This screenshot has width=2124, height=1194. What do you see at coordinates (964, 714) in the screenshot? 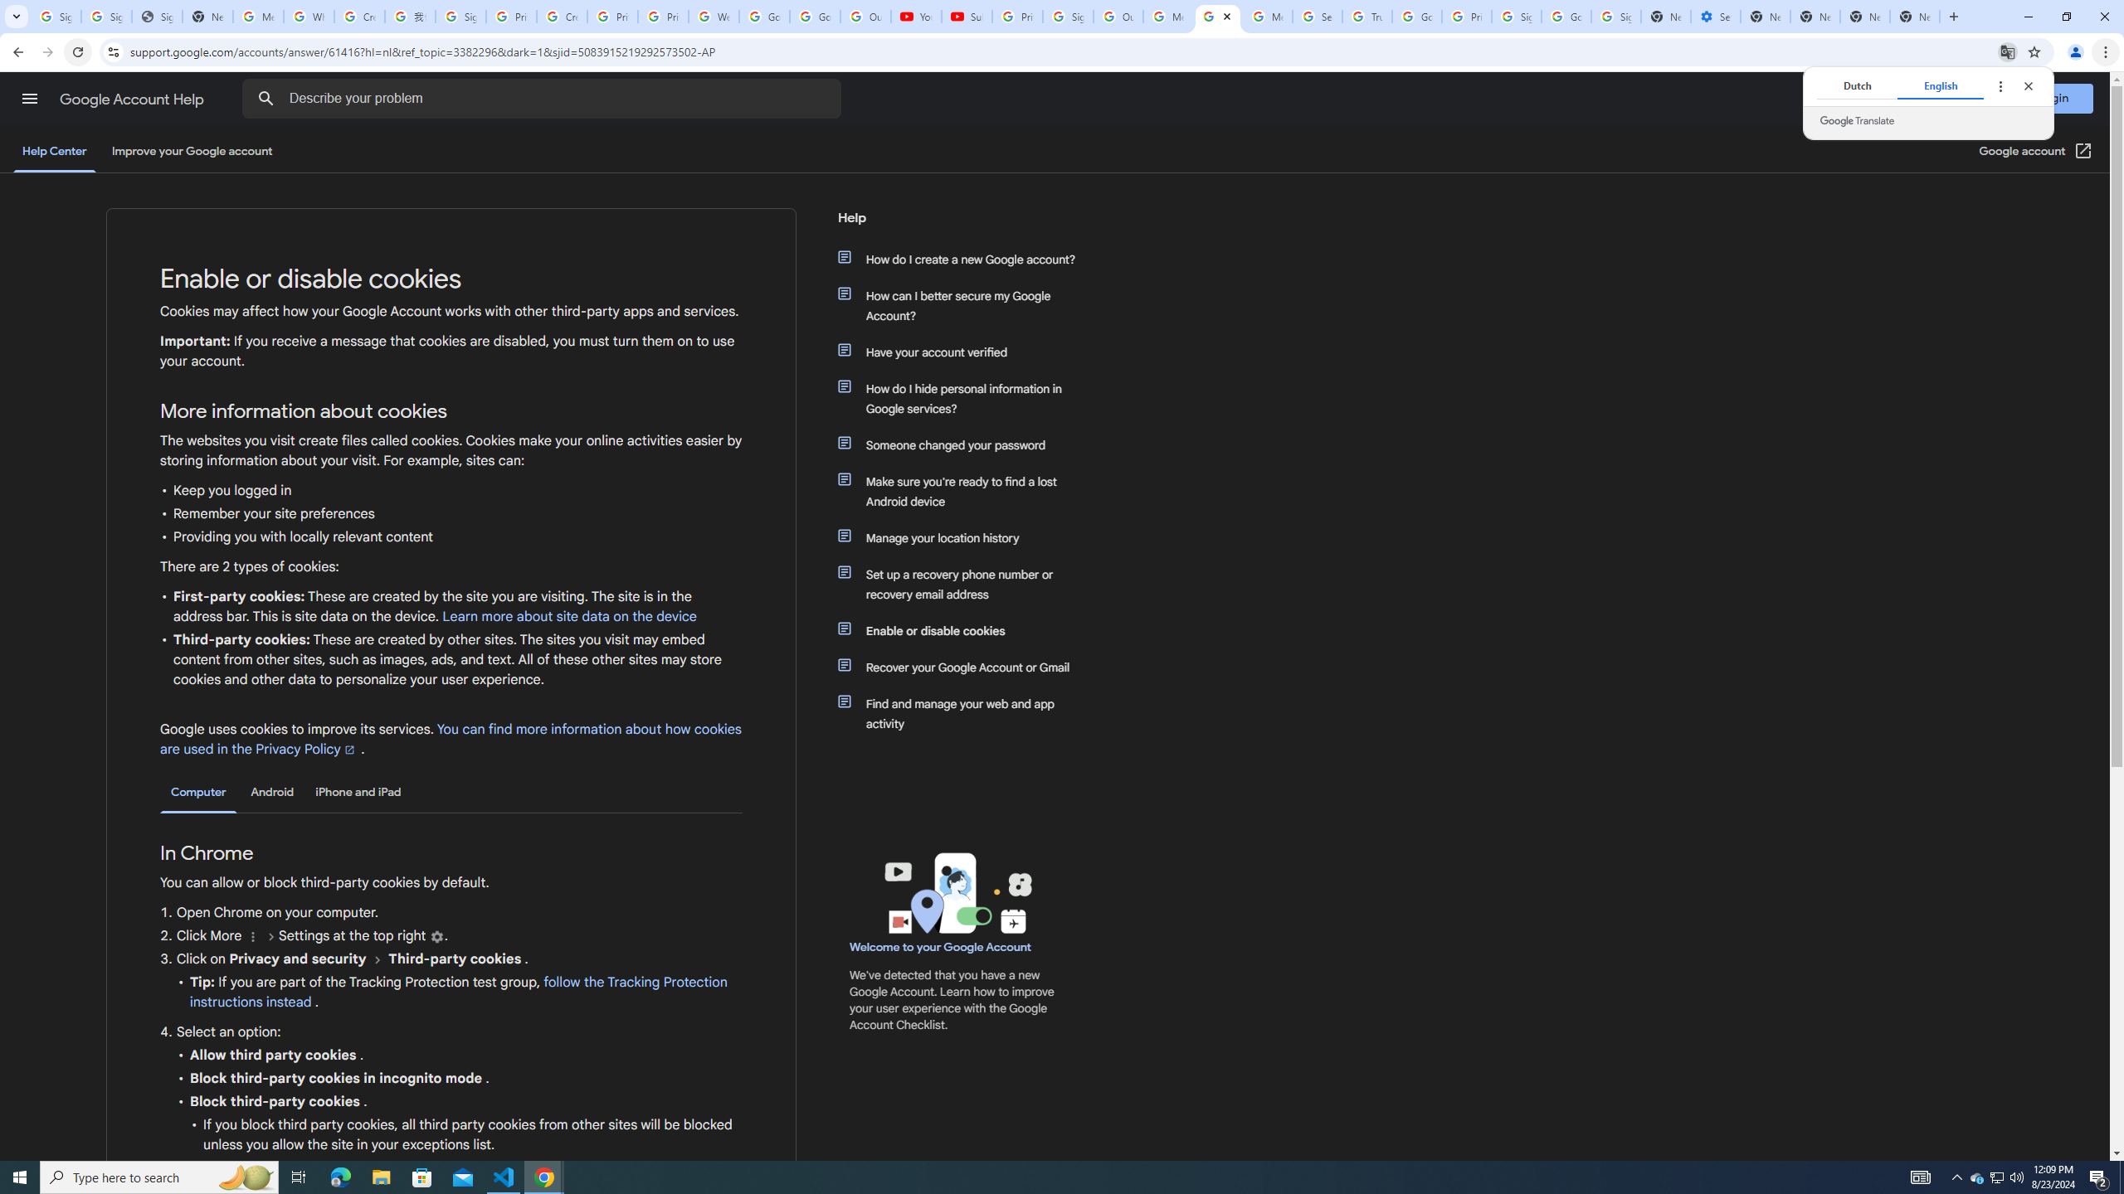
I see `'Find and manage your web and app activity'` at bounding box center [964, 714].